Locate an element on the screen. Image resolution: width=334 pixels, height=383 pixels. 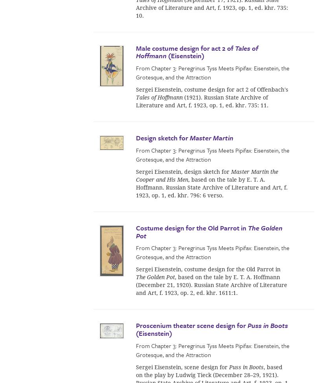
'Design sketch for' is located at coordinates (163, 138).